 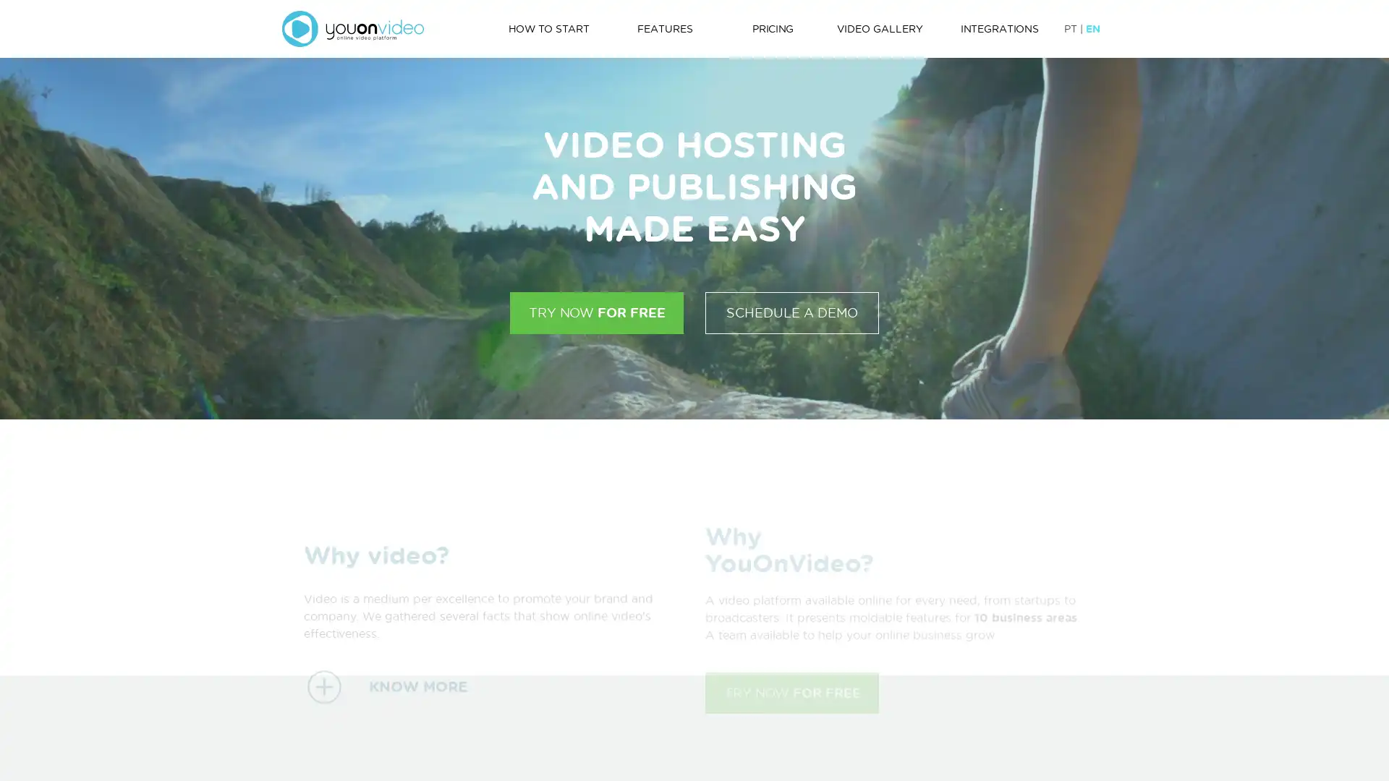 I want to click on TRY NOW FOR FREE, so click(x=791, y=635).